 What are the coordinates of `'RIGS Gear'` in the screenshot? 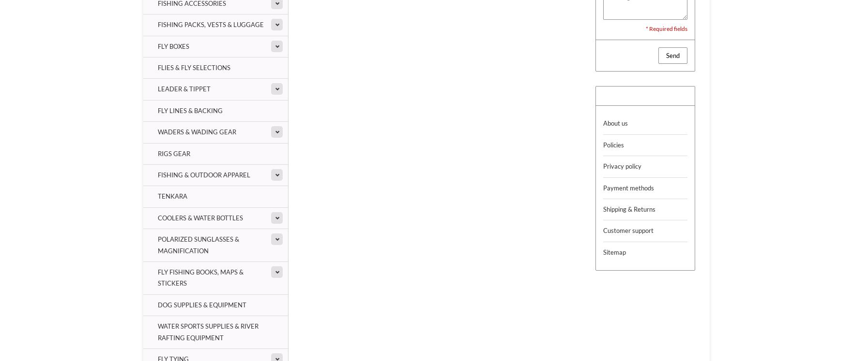 It's located at (174, 153).